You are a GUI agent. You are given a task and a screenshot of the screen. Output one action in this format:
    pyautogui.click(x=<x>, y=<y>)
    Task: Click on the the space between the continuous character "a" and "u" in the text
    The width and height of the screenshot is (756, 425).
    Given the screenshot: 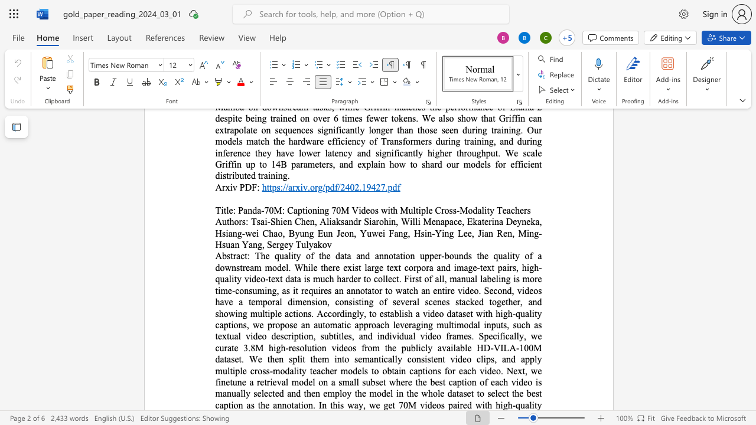 What is the action you would take?
    pyautogui.click(x=318, y=325)
    